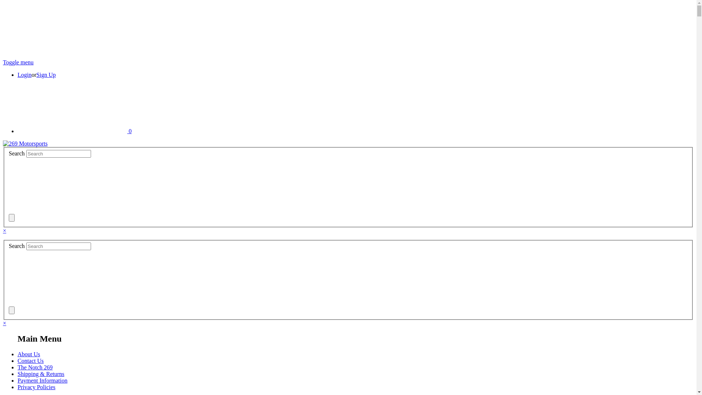  Describe the element at coordinates (30, 360) in the screenshot. I see `'Contact Us'` at that location.